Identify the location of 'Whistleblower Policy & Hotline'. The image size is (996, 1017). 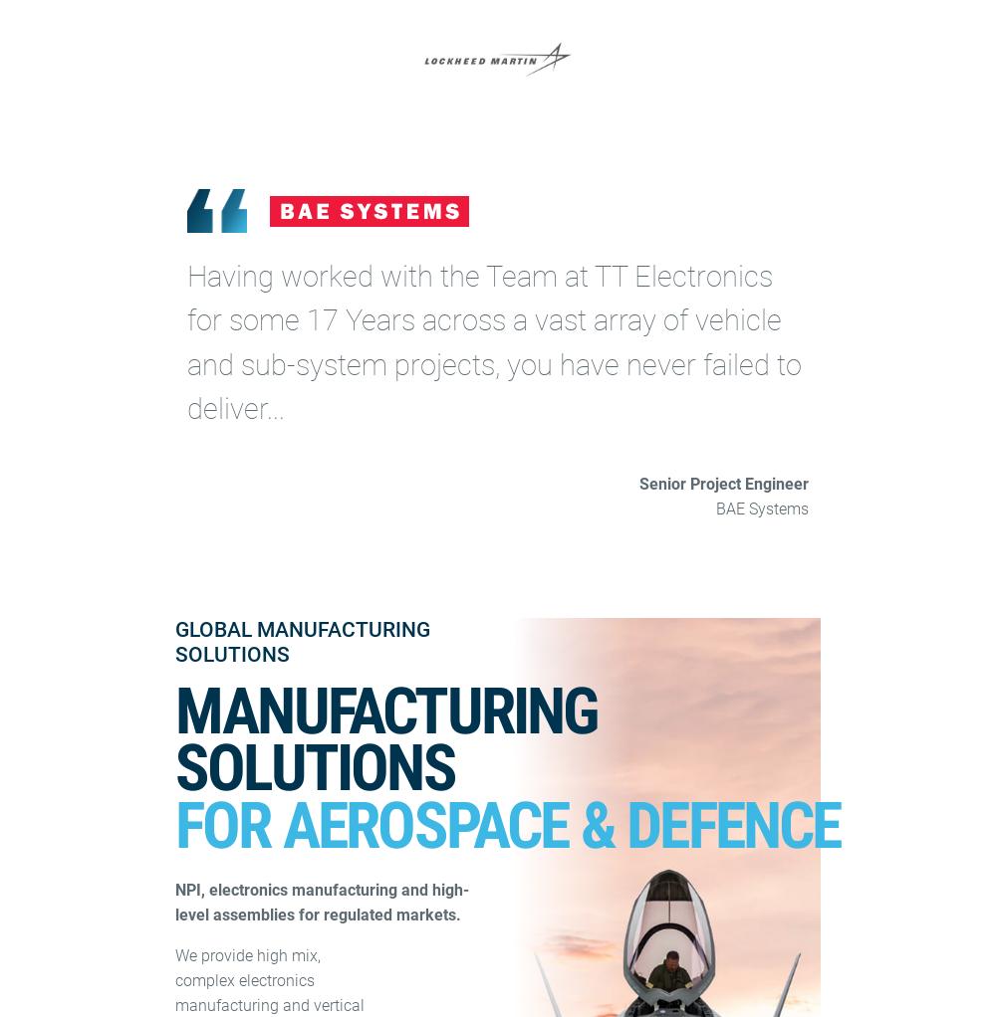
(616, 310).